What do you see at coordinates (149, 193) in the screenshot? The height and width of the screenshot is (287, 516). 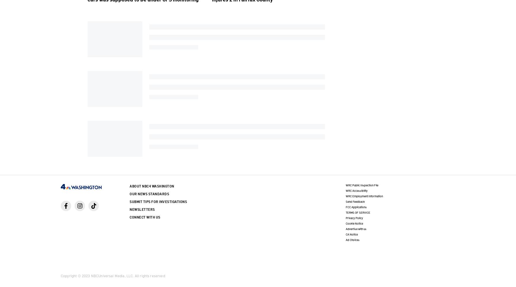 I see `'Our News Standards'` at bounding box center [149, 193].